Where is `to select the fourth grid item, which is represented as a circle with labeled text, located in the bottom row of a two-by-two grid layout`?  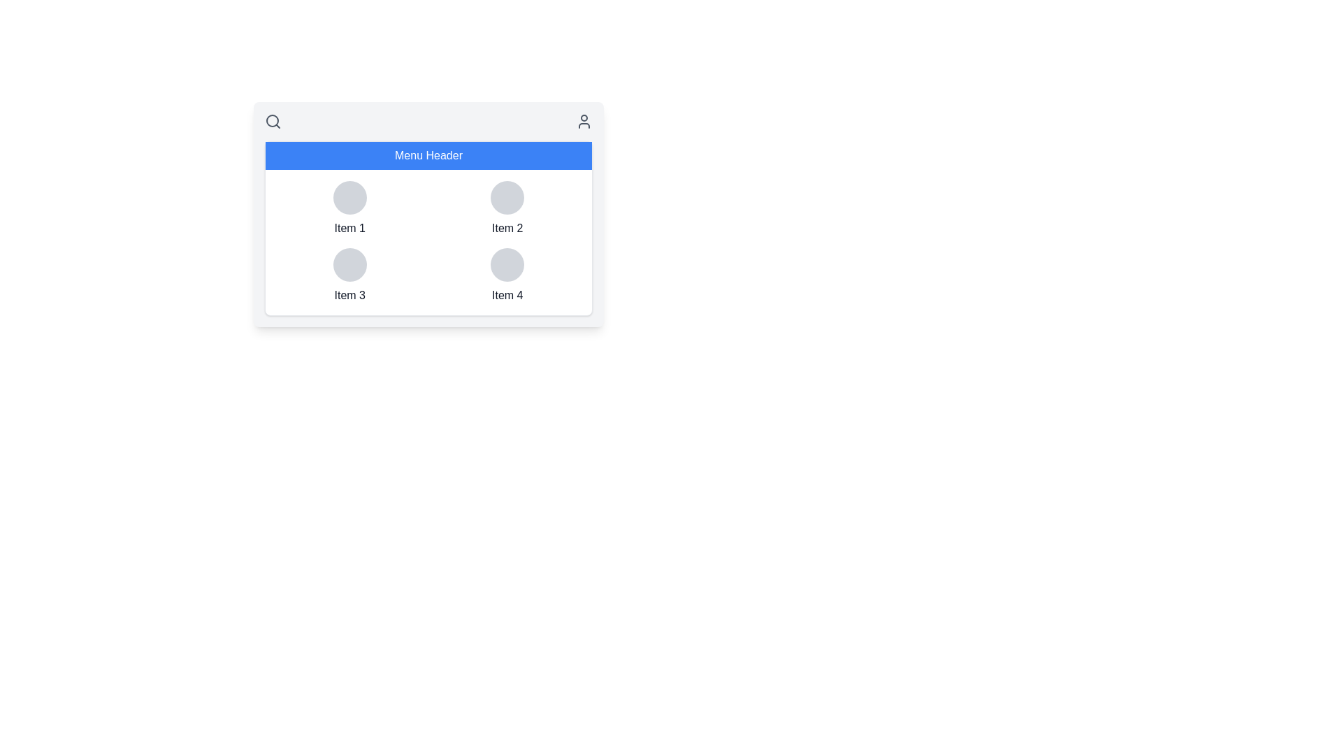
to select the fourth grid item, which is represented as a circle with labeled text, located in the bottom row of a two-by-two grid layout is located at coordinates (507, 275).